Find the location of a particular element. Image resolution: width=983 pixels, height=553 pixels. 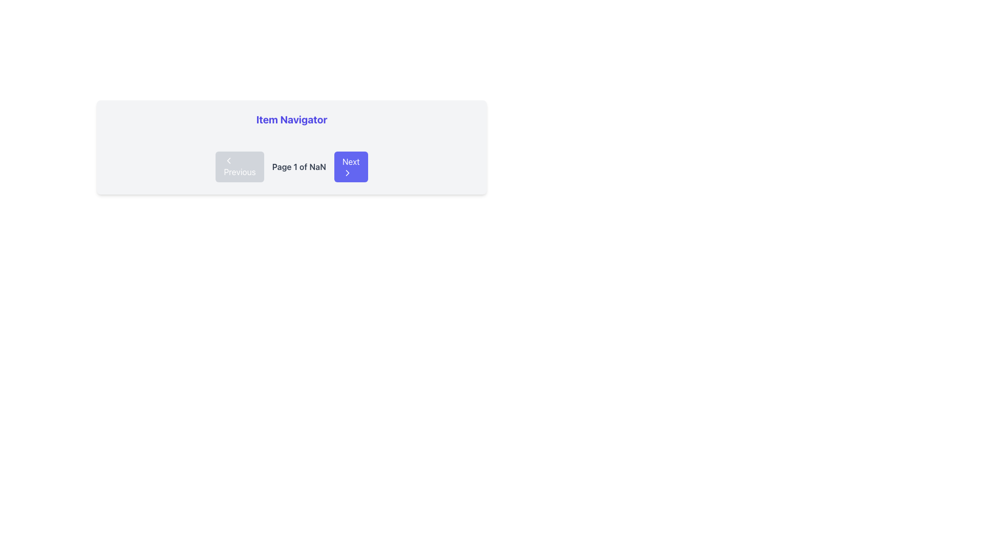

the text indicator displaying 'Page 1 of NaN' in bold gray font is located at coordinates (298, 166).